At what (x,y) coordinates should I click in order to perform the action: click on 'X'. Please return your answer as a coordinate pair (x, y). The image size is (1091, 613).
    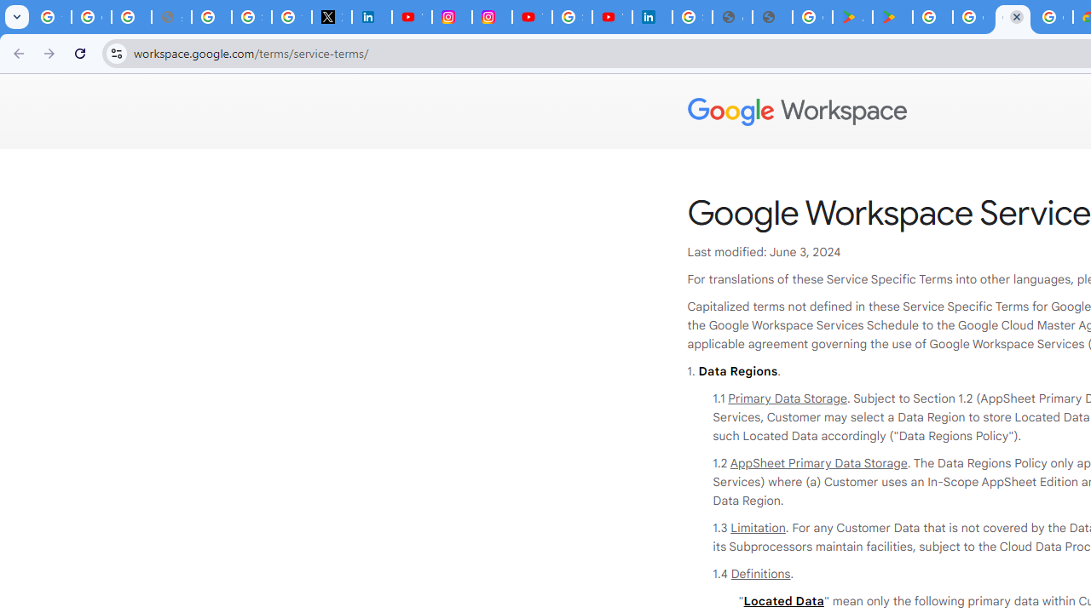
    Looking at the image, I should click on (332, 17).